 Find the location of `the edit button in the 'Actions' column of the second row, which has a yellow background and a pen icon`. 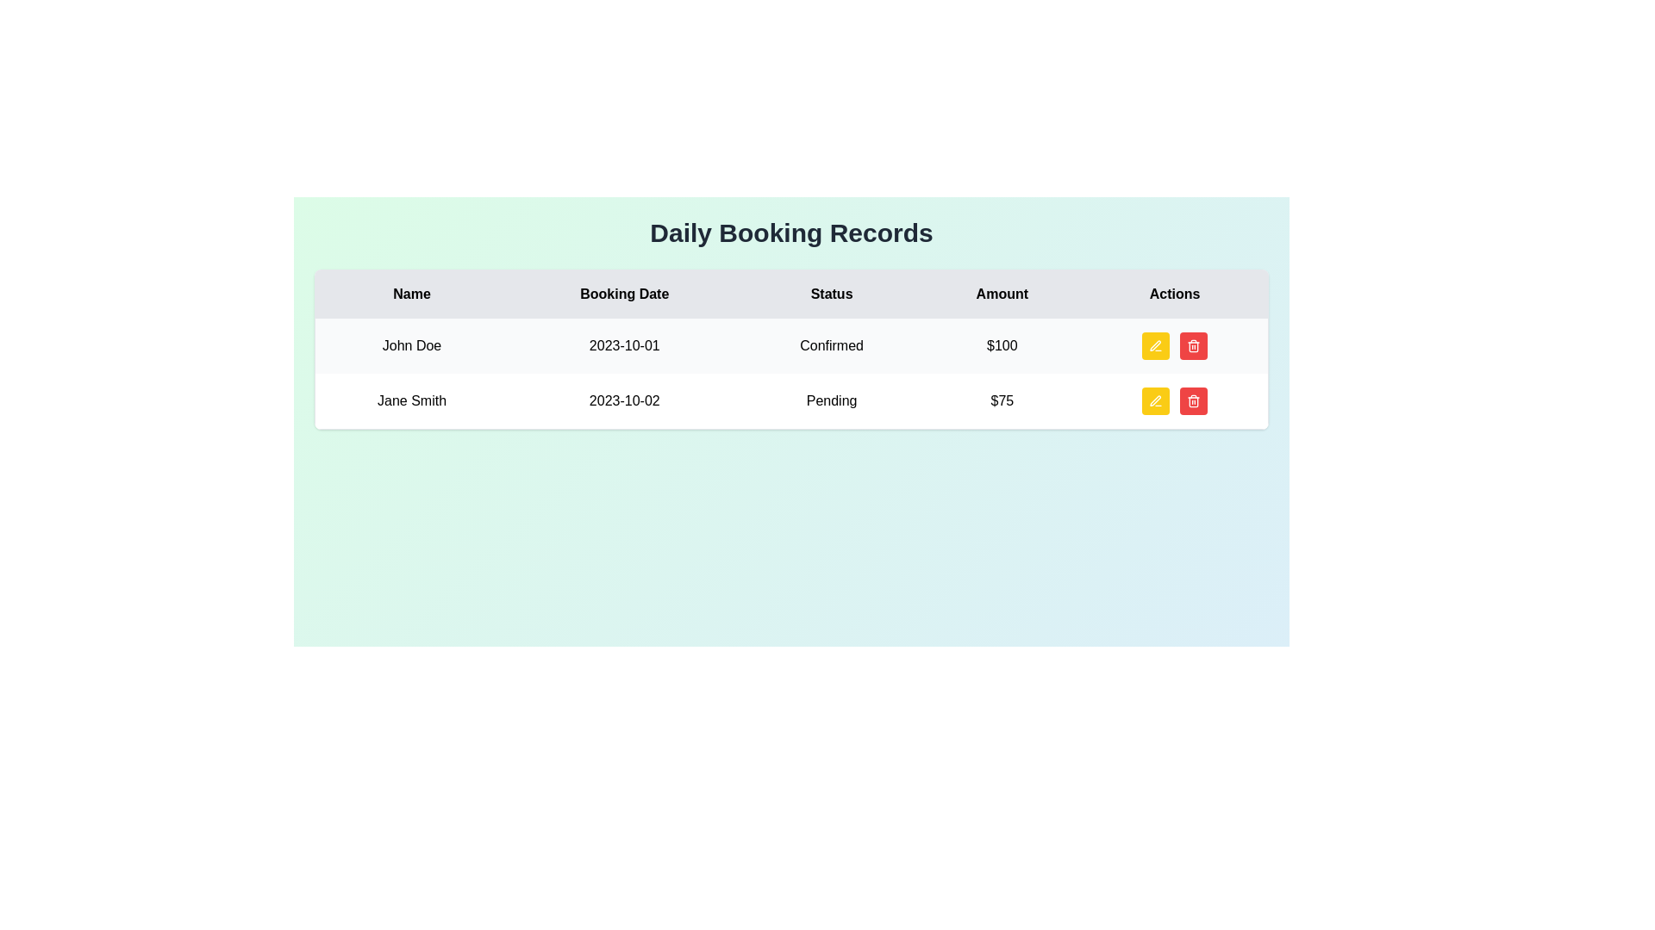

the edit button in the 'Actions' column of the second row, which has a yellow background and a pen icon is located at coordinates (1155, 401).